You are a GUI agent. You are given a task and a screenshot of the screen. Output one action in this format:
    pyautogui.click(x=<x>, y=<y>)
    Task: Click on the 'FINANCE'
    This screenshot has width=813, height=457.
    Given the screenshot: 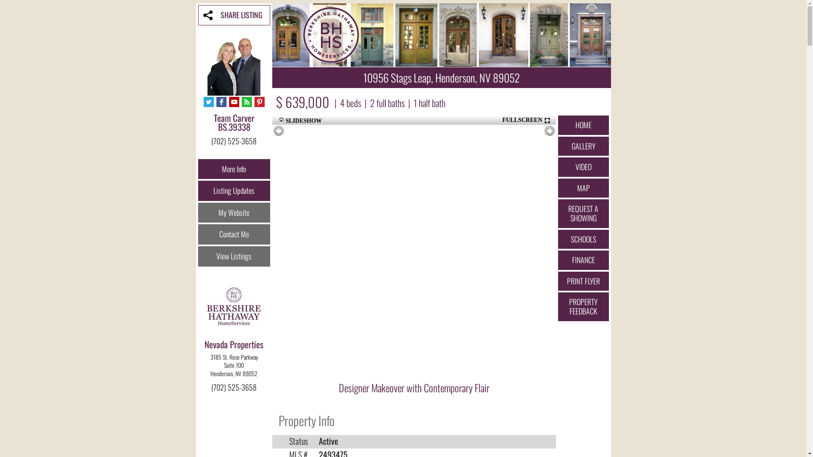 What is the action you would take?
    pyautogui.click(x=583, y=259)
    